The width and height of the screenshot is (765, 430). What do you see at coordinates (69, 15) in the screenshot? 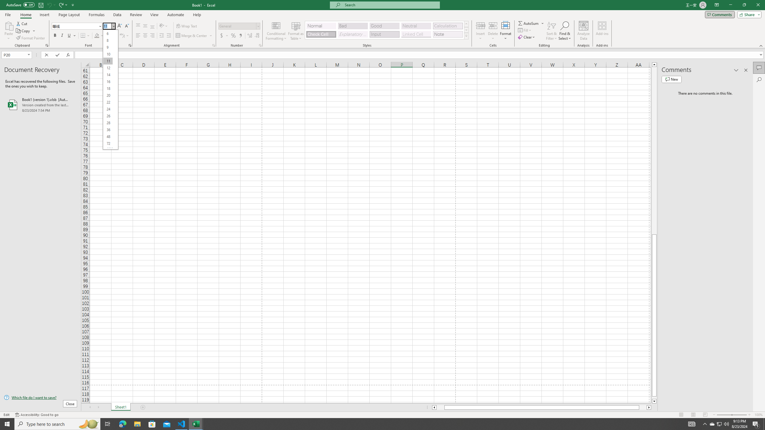
I see `'Page Layout'` at bounding box center [69, 15].